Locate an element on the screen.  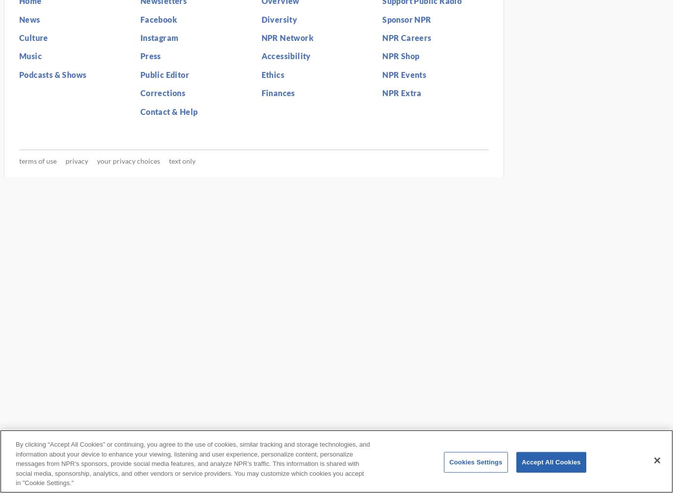
'NPR Careers' is located at coordinates (406, 37).